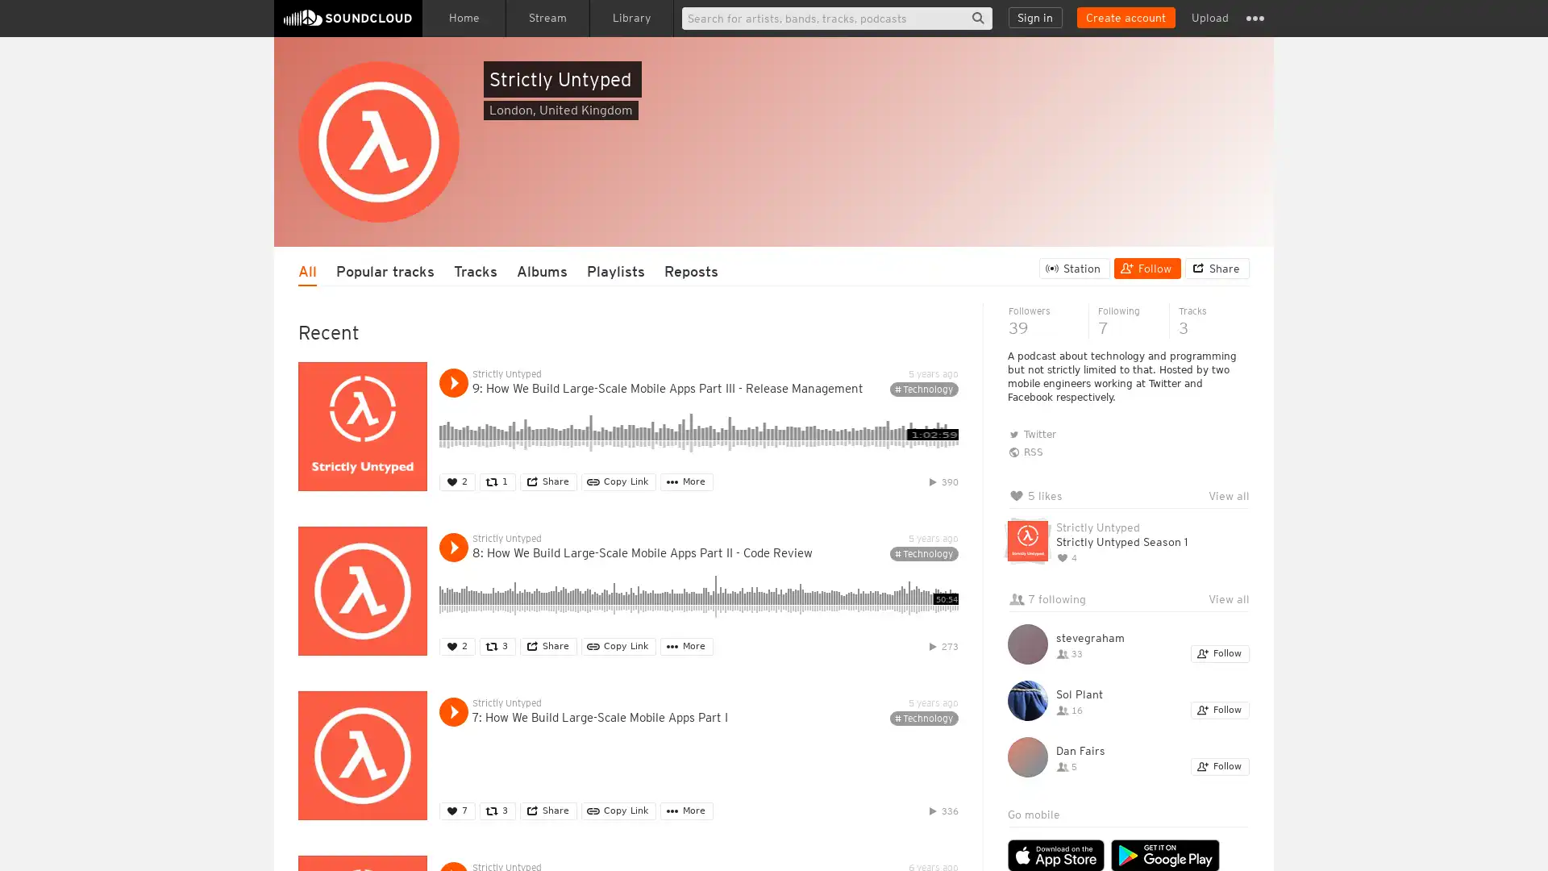 This screenshot has height=871, width=1548. What do you see at coordinates (1220, 653) in the screenshot?
I see `Follow` at bounding box center [1220, 653].